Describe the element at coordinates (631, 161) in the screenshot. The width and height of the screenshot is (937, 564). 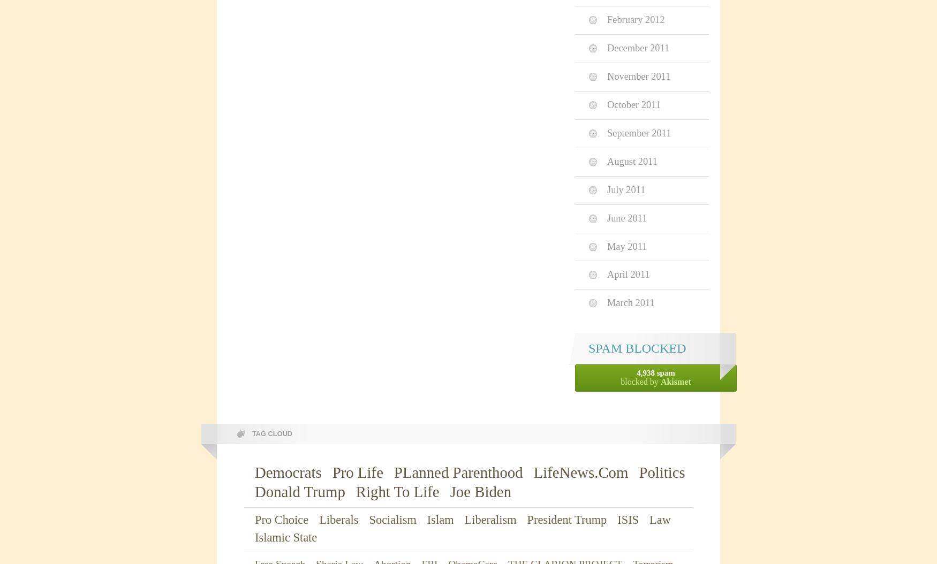
I see `'August 2011'` at that location.